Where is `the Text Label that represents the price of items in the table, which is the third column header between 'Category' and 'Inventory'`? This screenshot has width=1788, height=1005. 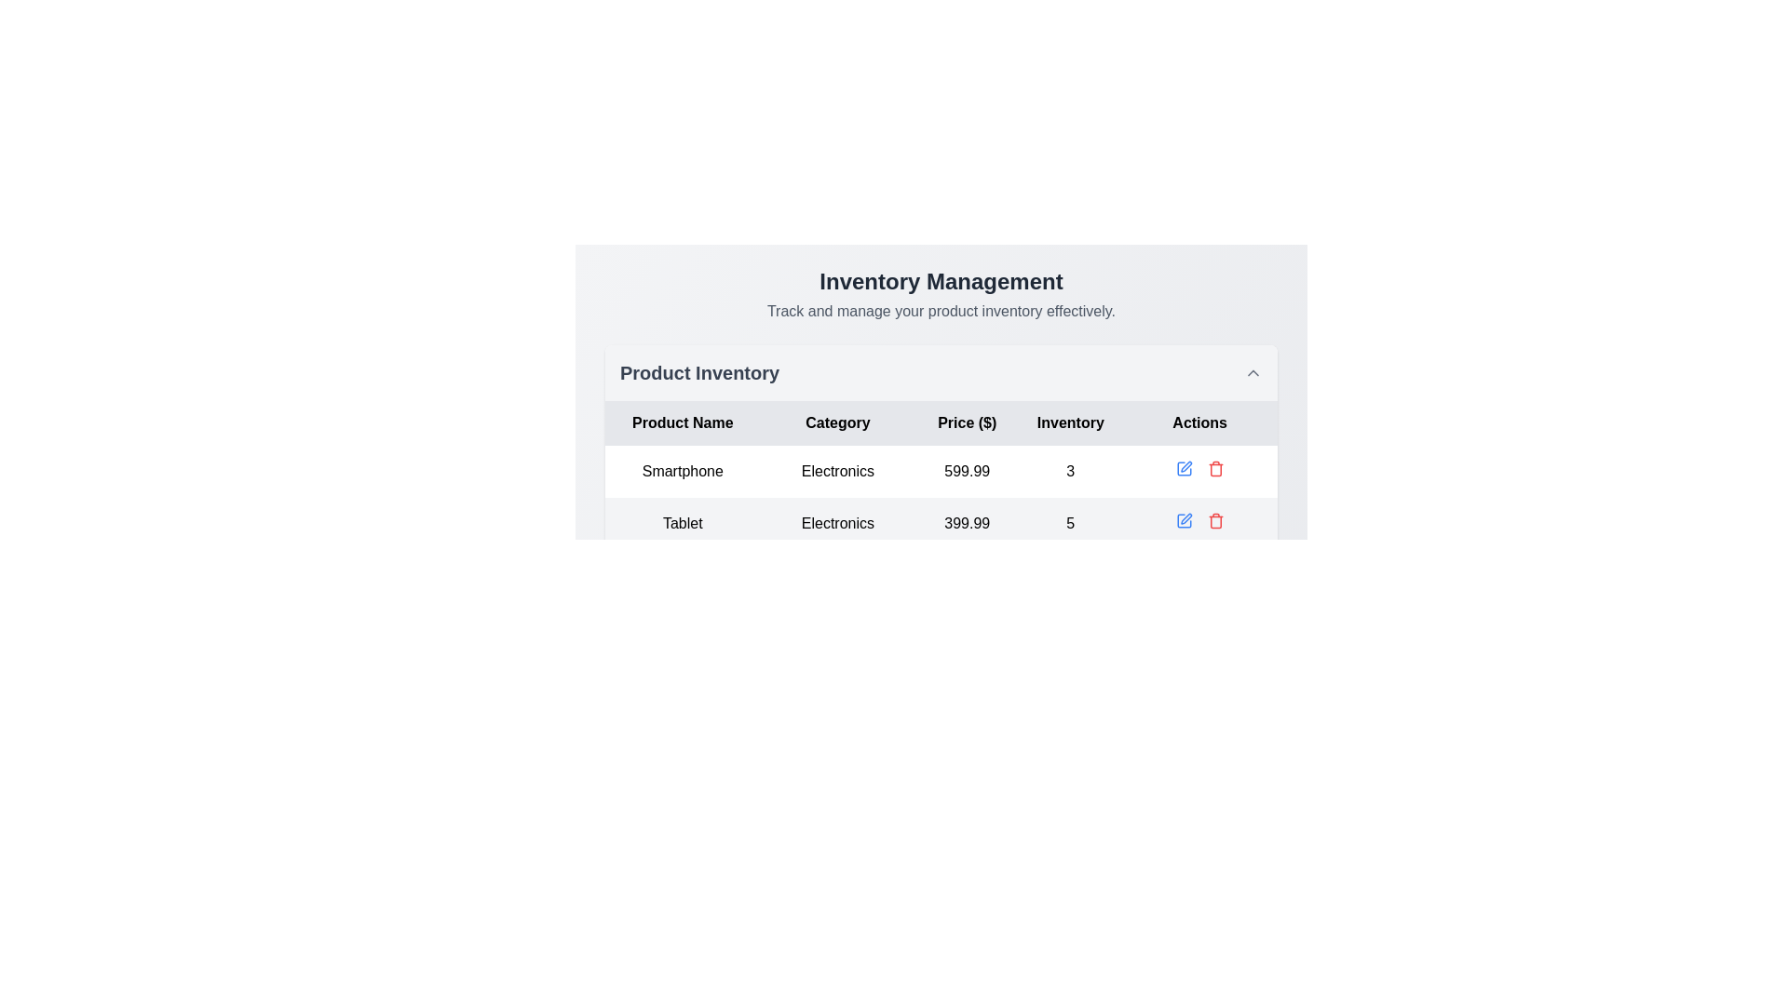
the Text Label that represents the price of items in the table, which is the third column header between 'Category' and 'Inventory' is located at coordinates (967, 423).